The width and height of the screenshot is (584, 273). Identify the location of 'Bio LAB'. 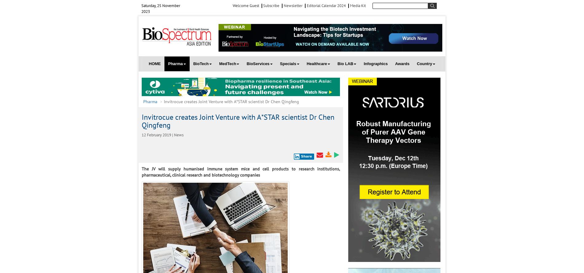
(345, 63).